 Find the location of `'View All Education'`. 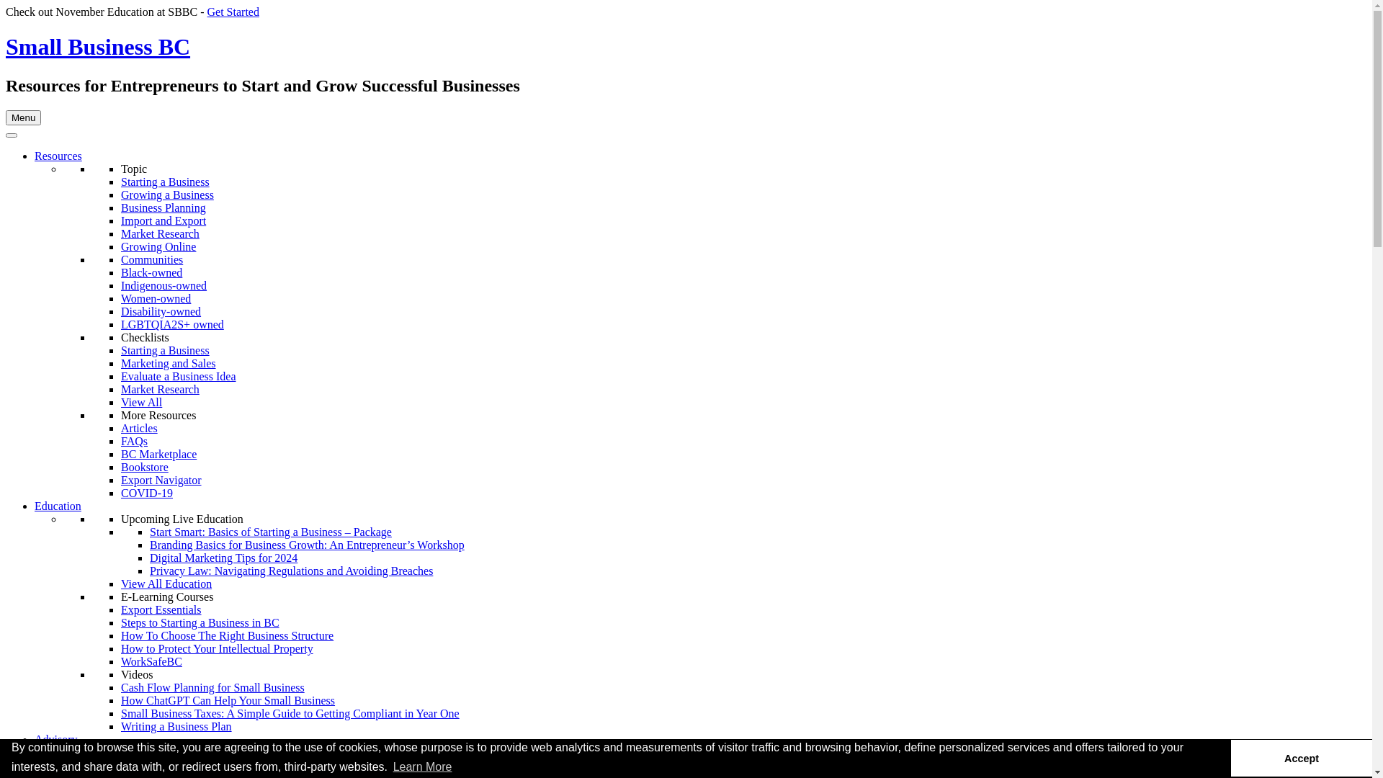

'View All Education' is located at coordinates (166, 583).